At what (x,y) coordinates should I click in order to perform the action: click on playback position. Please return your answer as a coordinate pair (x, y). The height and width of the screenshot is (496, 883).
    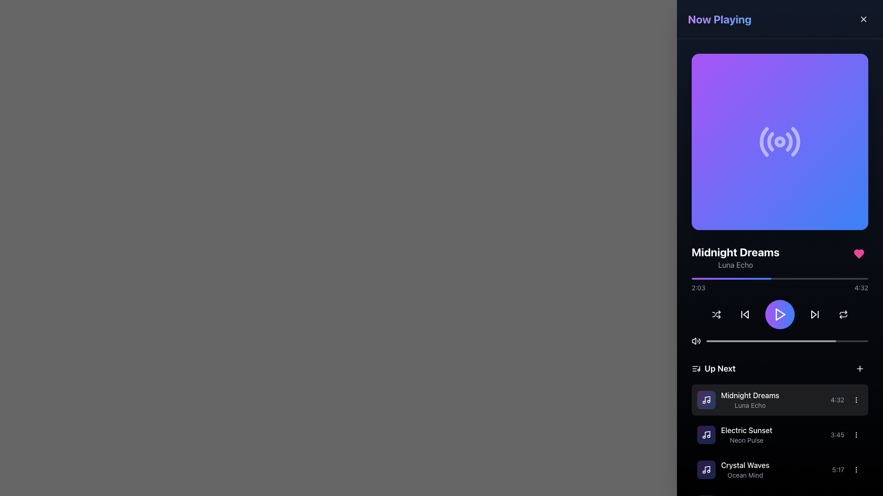
    Looking at the image, I should click on (736, 341).